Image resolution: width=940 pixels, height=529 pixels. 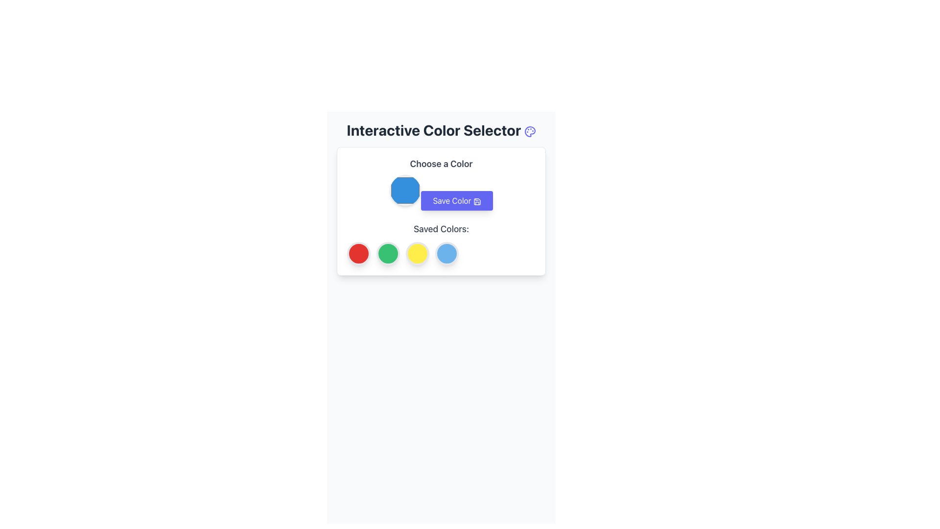 What do you see at coordinates (358, 253) in the screenshot?
I see `the first circular interactive icon with a red background located under the 'Saved Colors:' label` at bounding box center [358, 253].